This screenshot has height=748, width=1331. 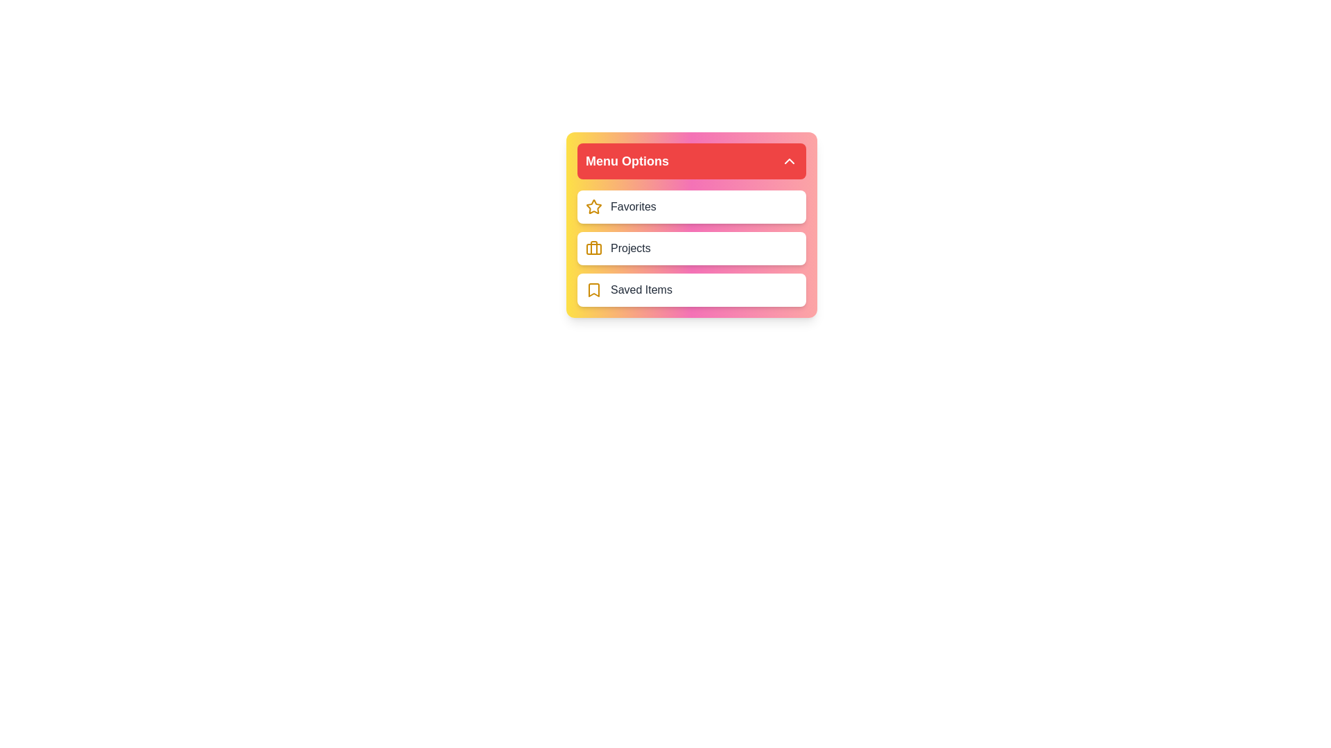 What do you see at coordinates (692, 290) in the screenshot?
I see `the 'Saved Items' menu item` at bounding box center [692, 290].